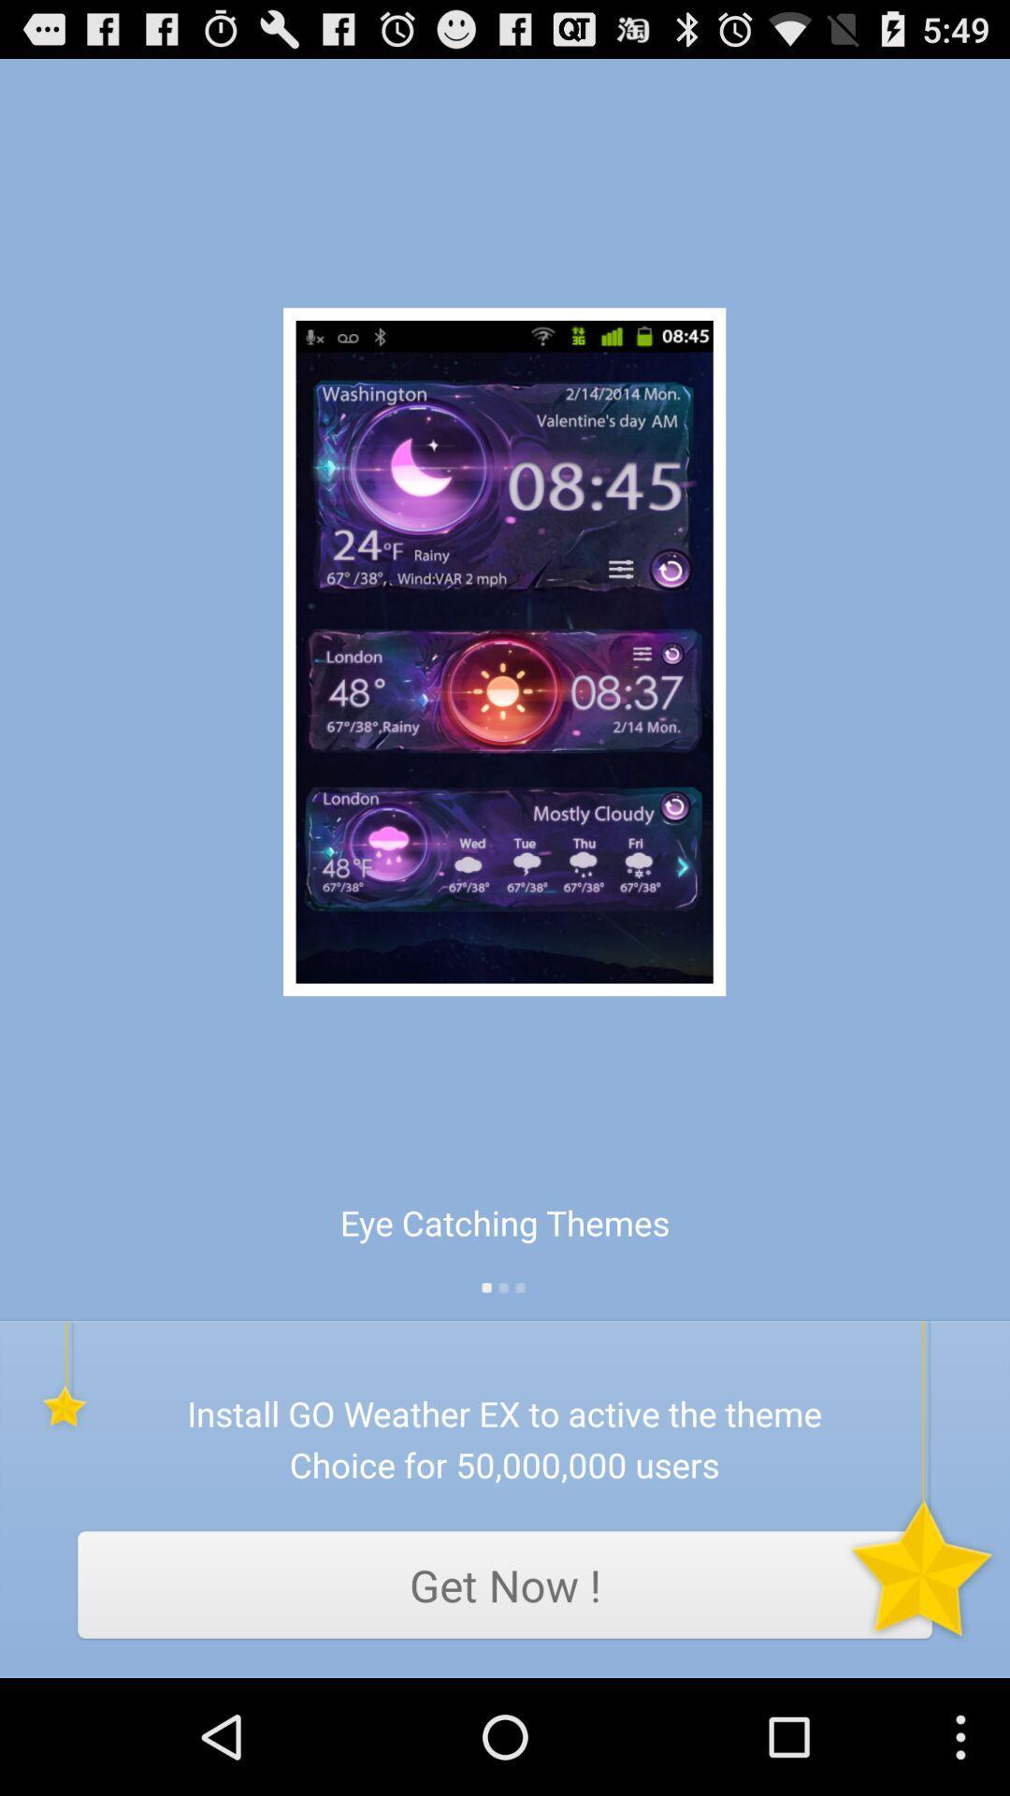  Describe the element at coordinates (505, 1584) in the screenshot. I see `app below choice for 50 item` at that location.